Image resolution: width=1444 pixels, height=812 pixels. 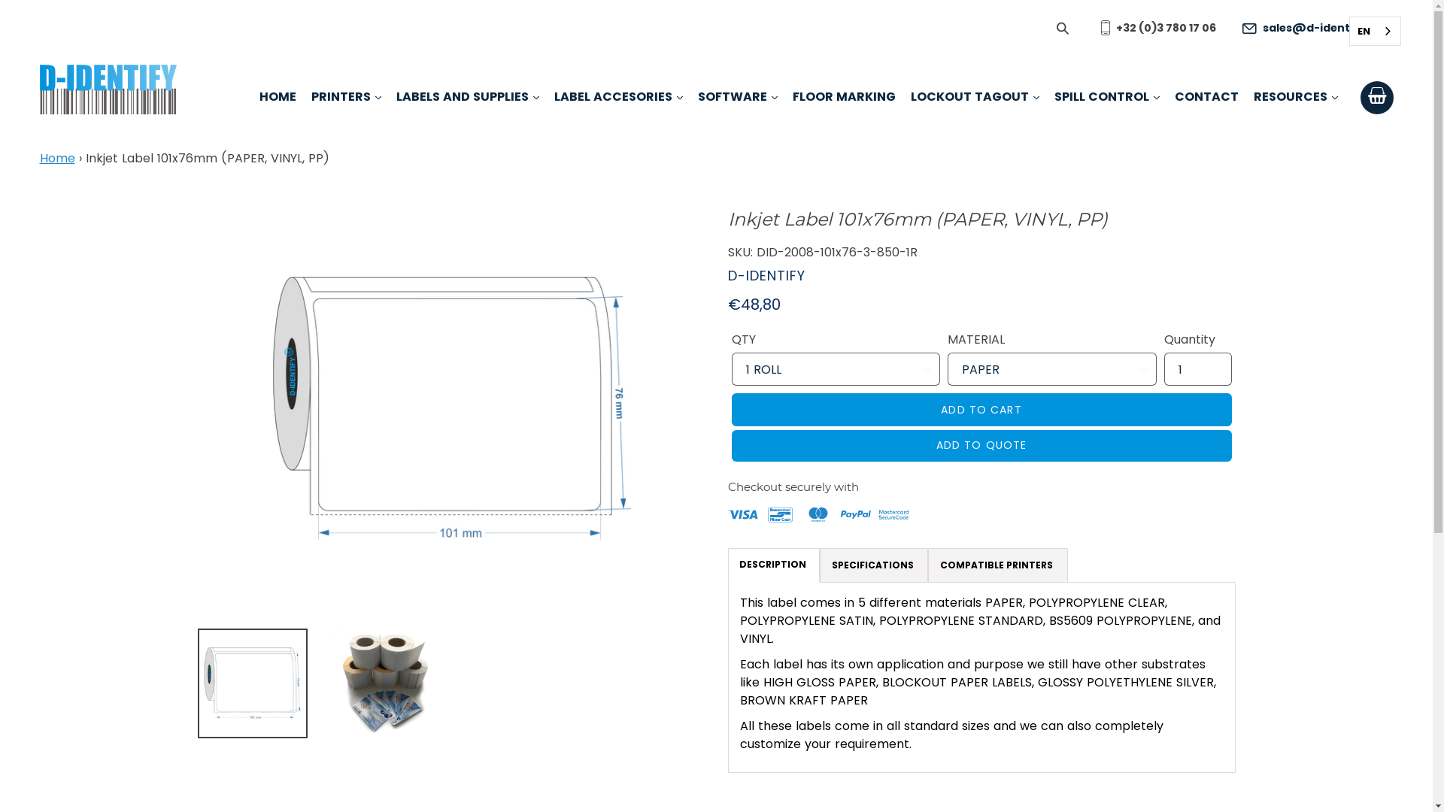 I want to click on 'EN', so click(x=1374, y=31).